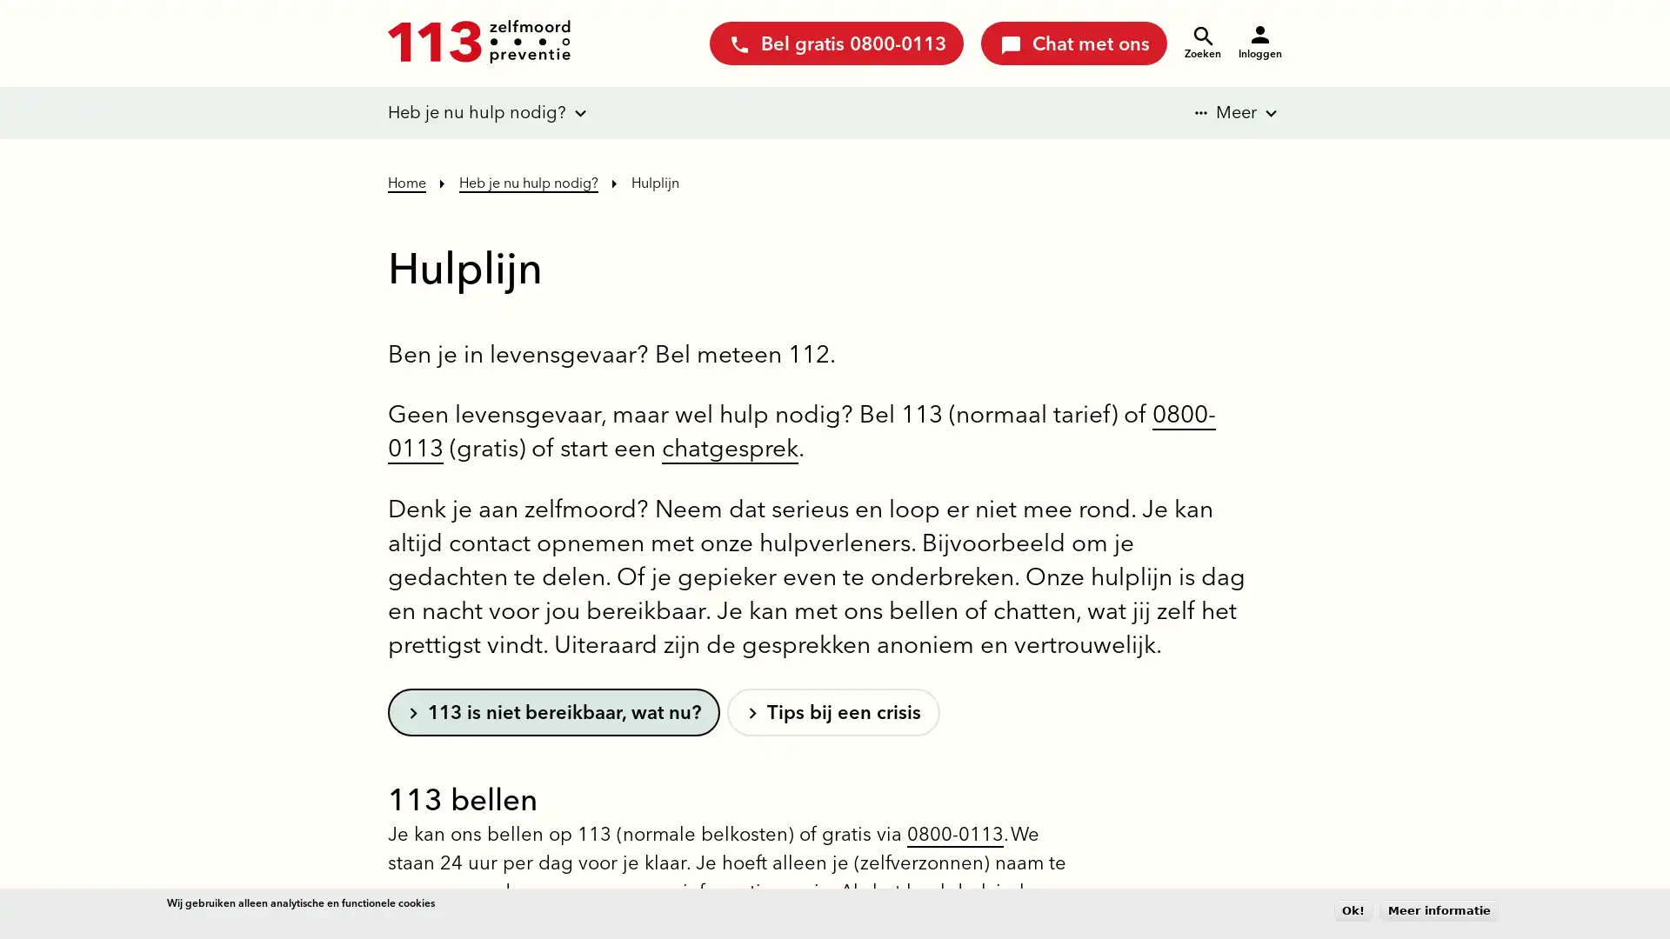 This screenshot has width=1670, height=939. I want to click on Meer, so click(1223, 113).